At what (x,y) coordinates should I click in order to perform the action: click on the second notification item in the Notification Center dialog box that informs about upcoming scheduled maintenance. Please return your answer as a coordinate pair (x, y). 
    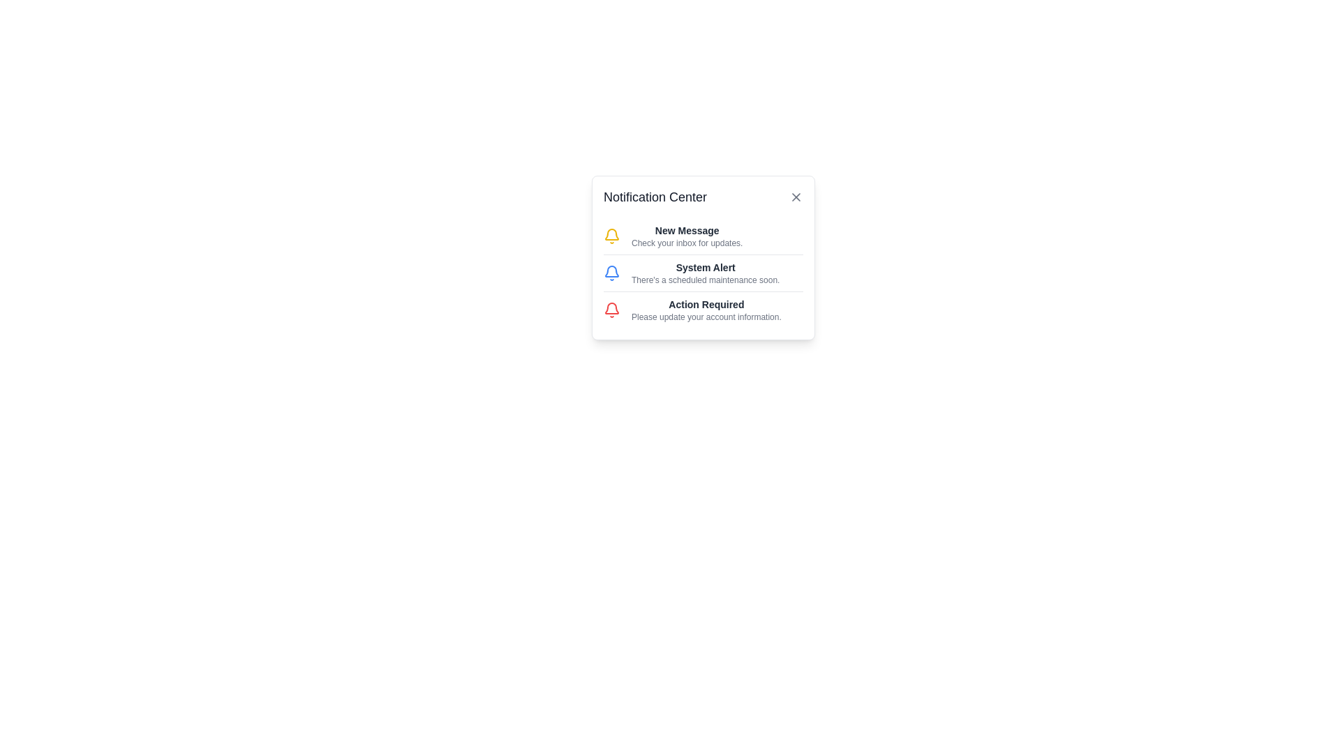
    Looking at the image, I should click on (703, 258).